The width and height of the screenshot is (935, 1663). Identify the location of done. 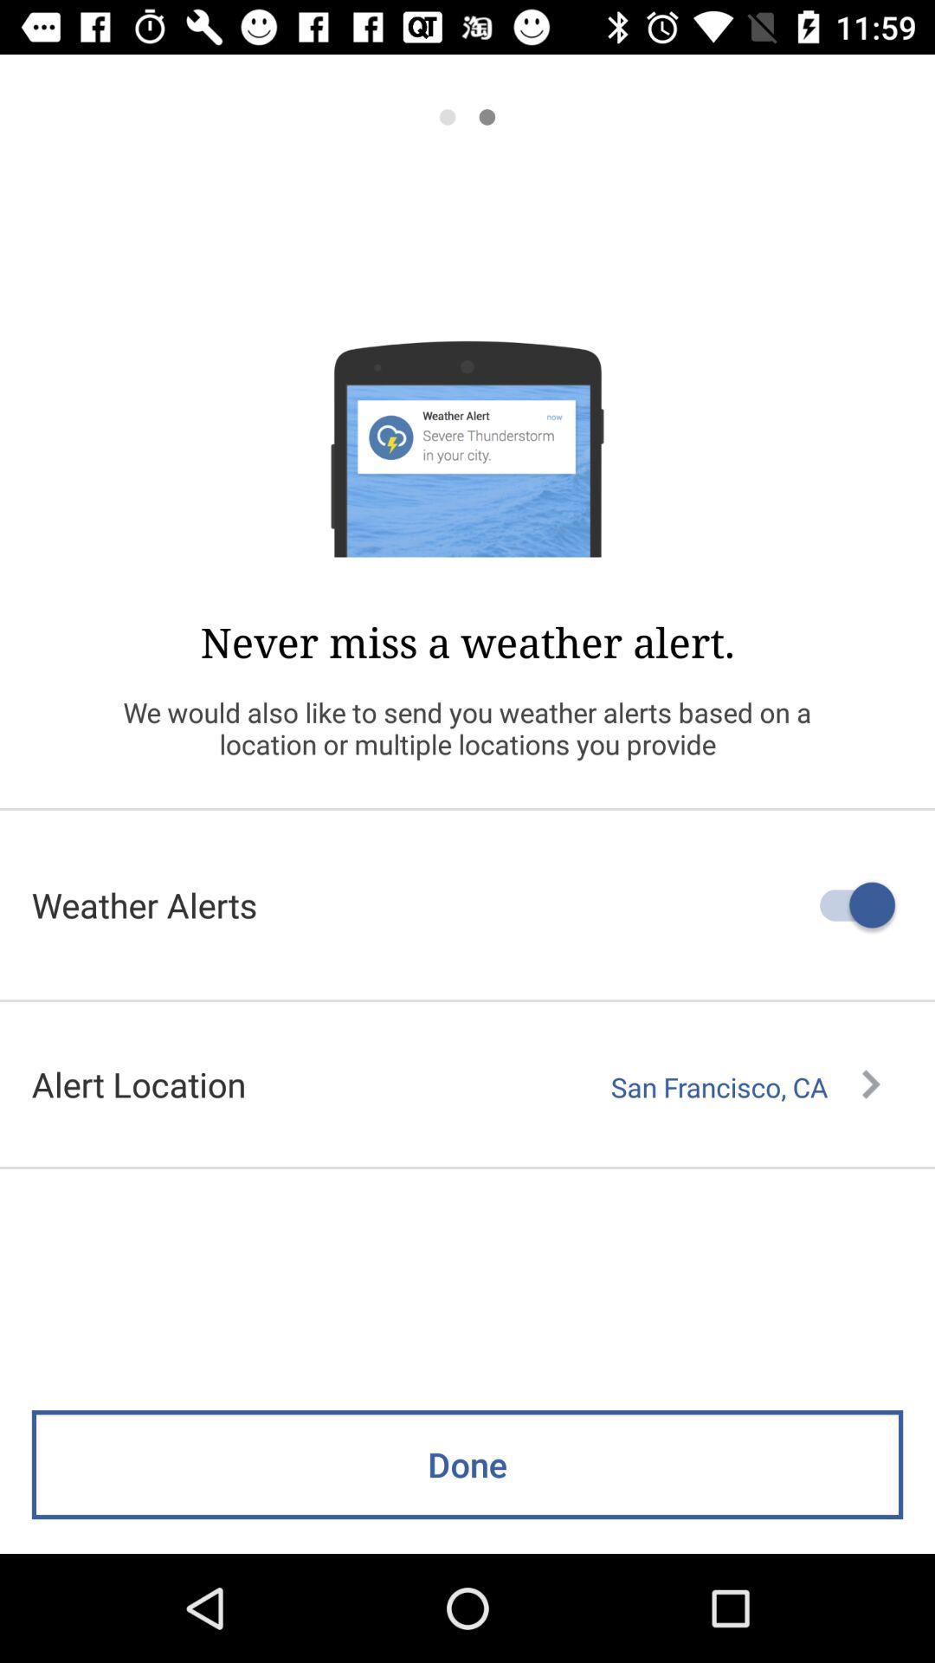
(467, 1464).